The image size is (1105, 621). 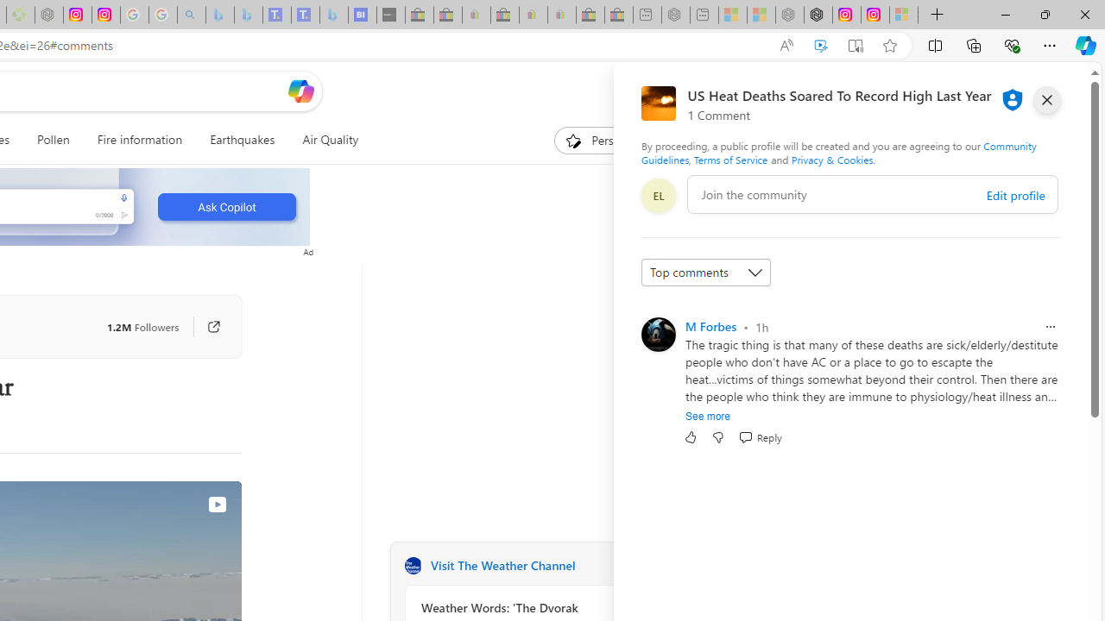 What do you see at coordinates (817, 15) in the screenshot?
I see `'Nordace - Summer Adventures 2024'` at bounding box center [817, 15].